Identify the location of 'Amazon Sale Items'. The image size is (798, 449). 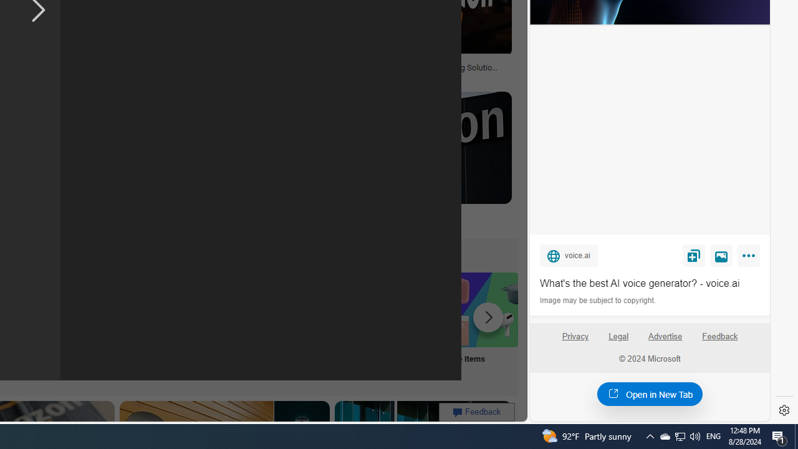
(483, 309).